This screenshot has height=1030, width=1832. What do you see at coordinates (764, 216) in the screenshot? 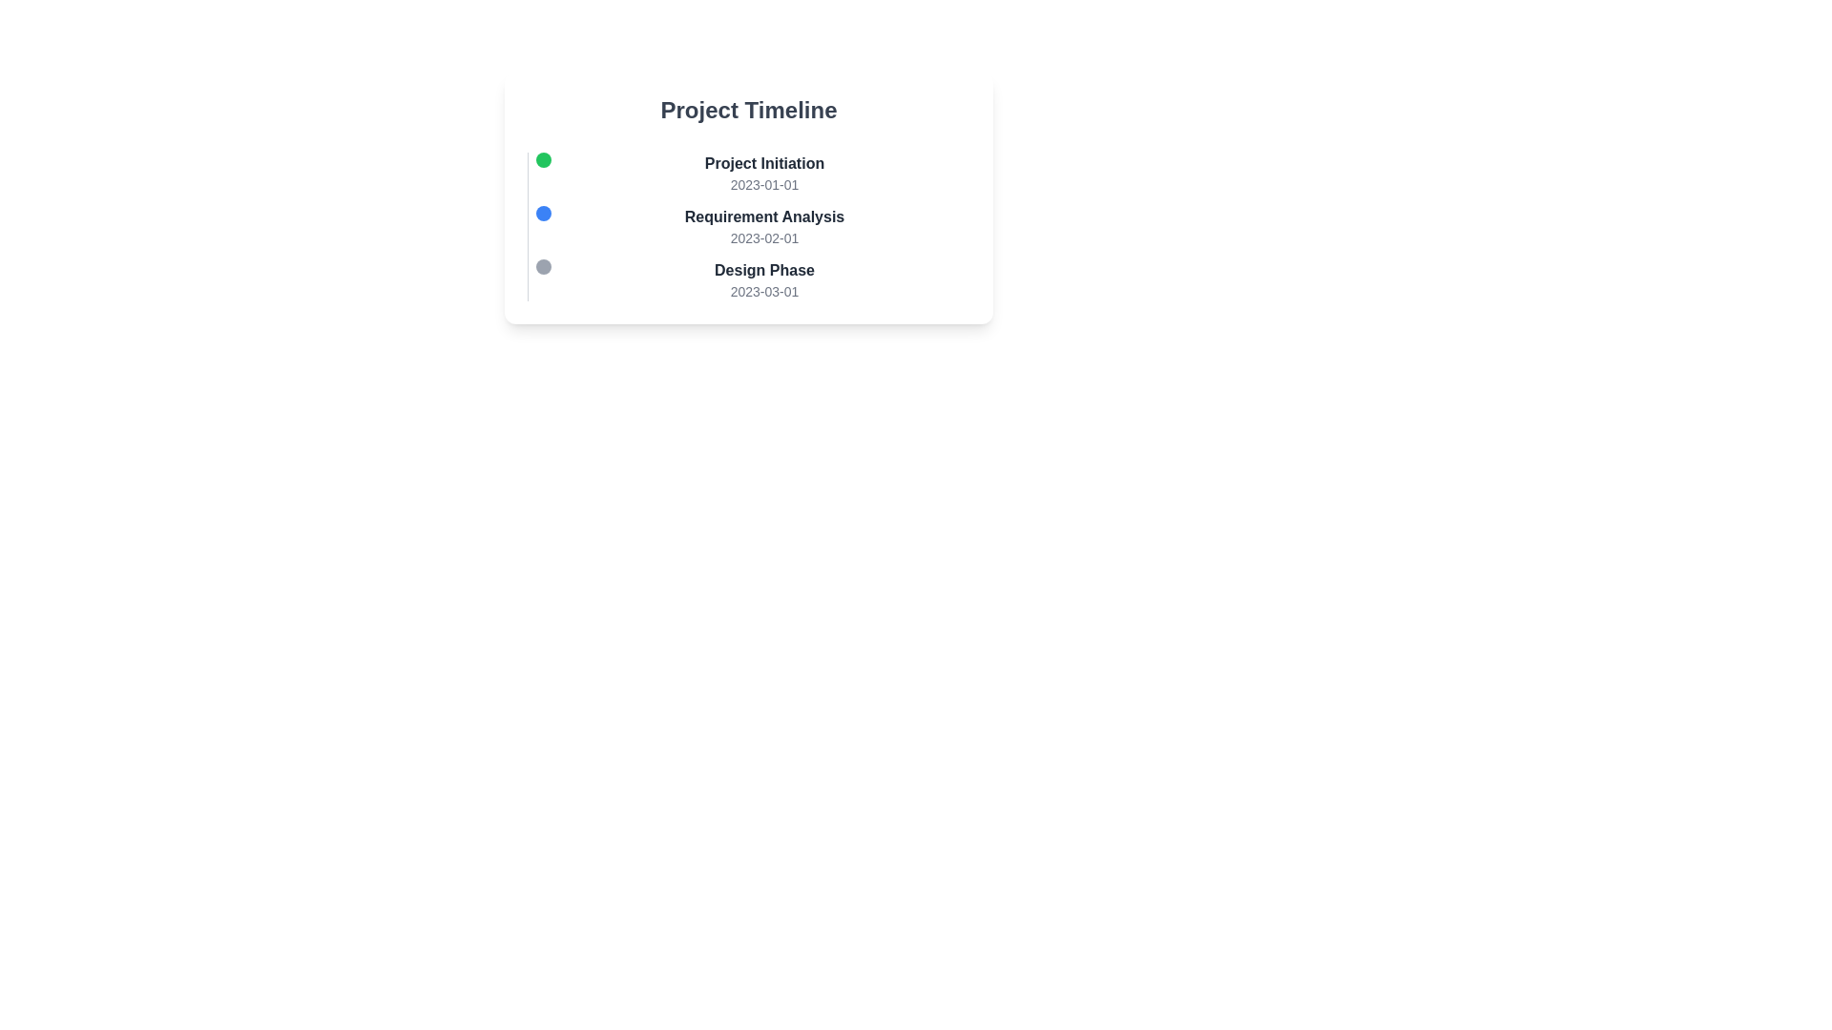
I see `the Static Text Label reading 'Requirement Analysis' in the vertical timeline widget, which is the second item in the timeline and has strong dark-gray text against a light background` at bounding box center [764, 216].